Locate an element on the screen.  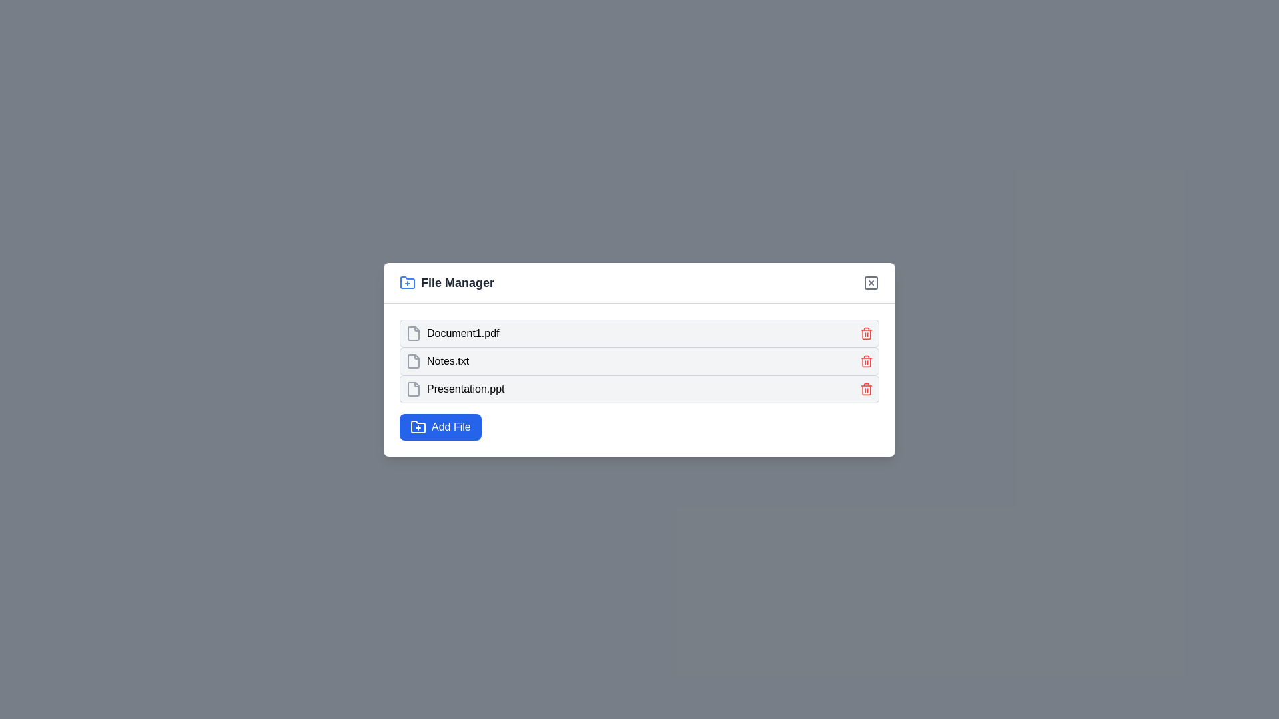
the red trash icon button located in the top-right corner of the row for 'Notes.txt' to observe the hover effect is located at coordinates (866, 361).